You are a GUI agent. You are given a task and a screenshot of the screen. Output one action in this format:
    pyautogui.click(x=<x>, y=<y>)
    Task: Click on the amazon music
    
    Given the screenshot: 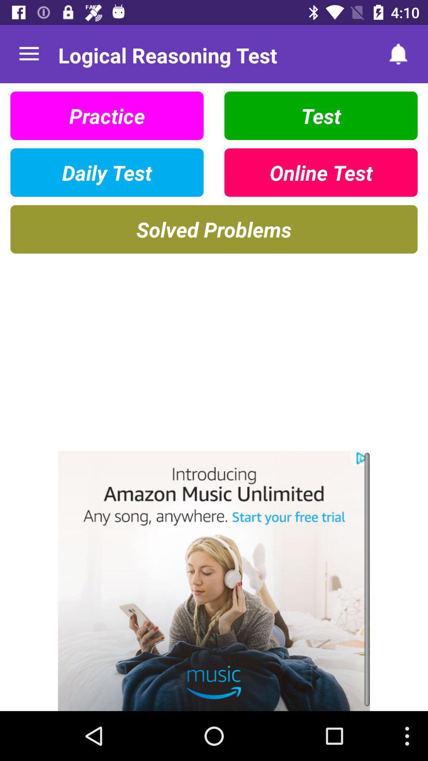 What is the action you would take?
    pyautogui.click(x=214, y=581)
    